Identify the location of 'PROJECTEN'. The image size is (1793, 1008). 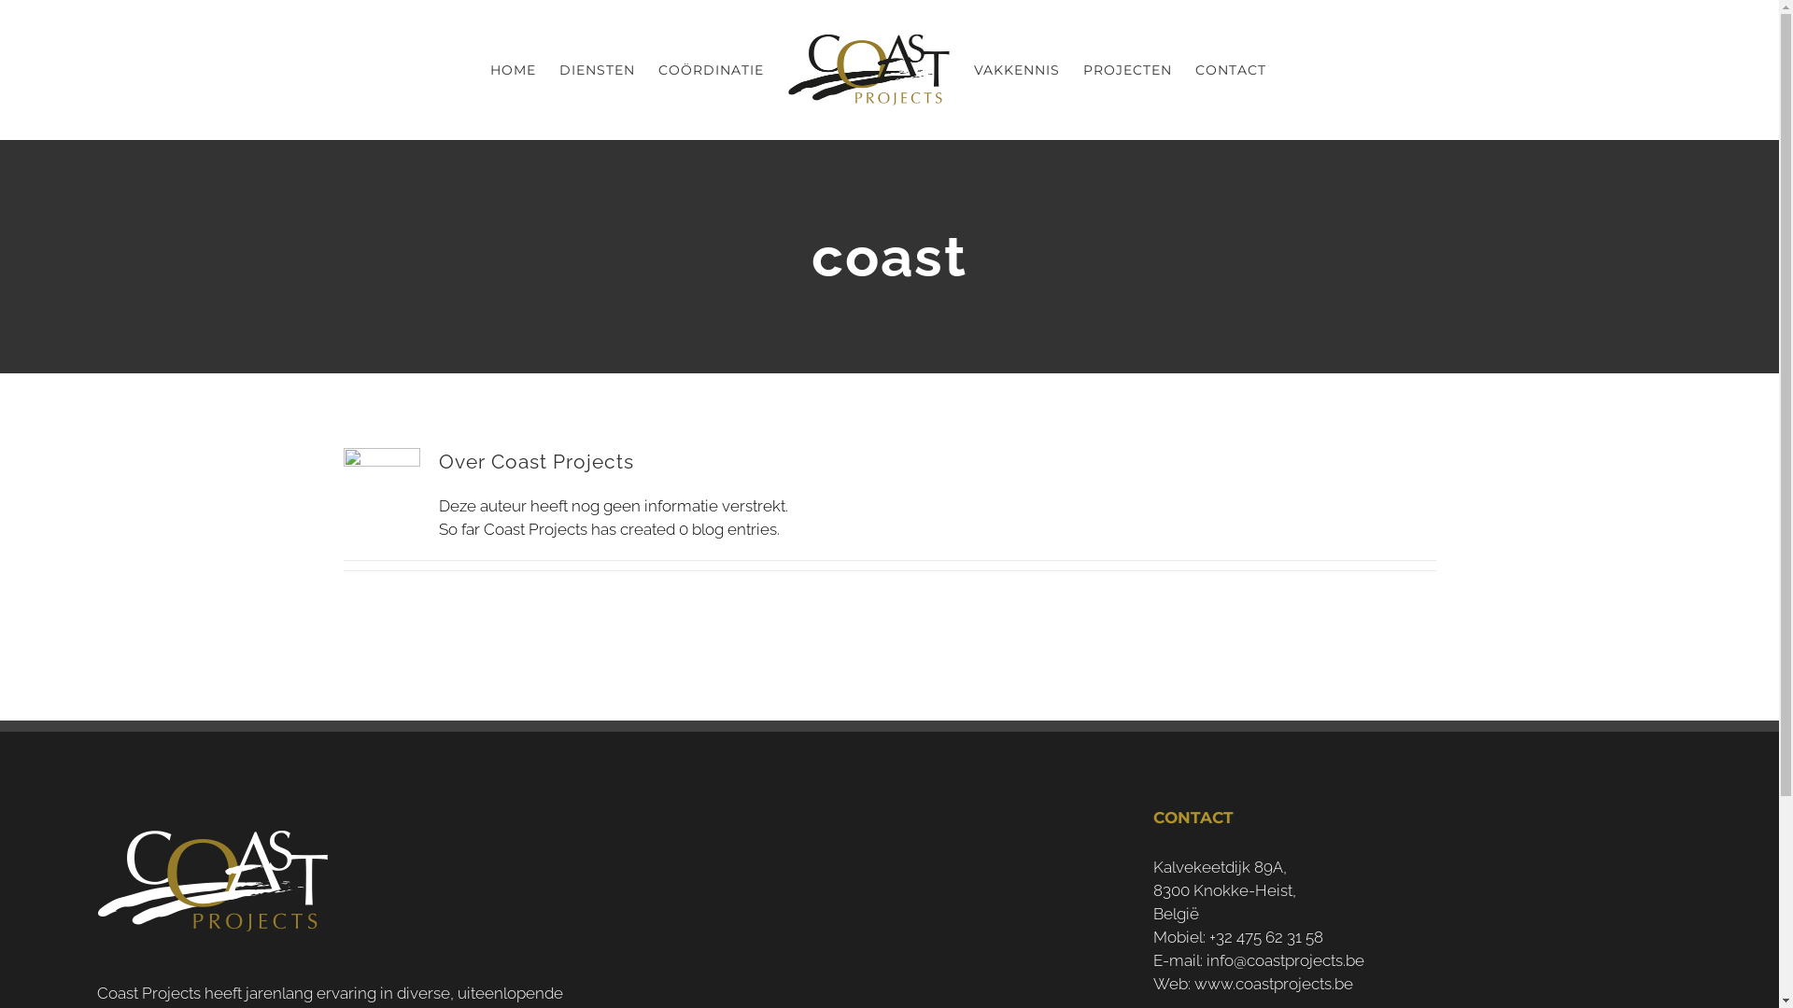
(1083, 68).